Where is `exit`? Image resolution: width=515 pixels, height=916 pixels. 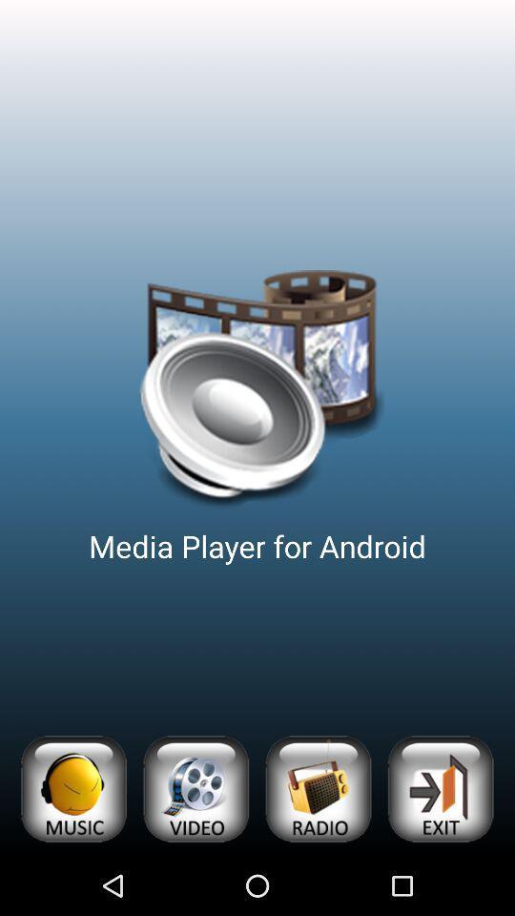
exit is located at coordinates (440, 789).